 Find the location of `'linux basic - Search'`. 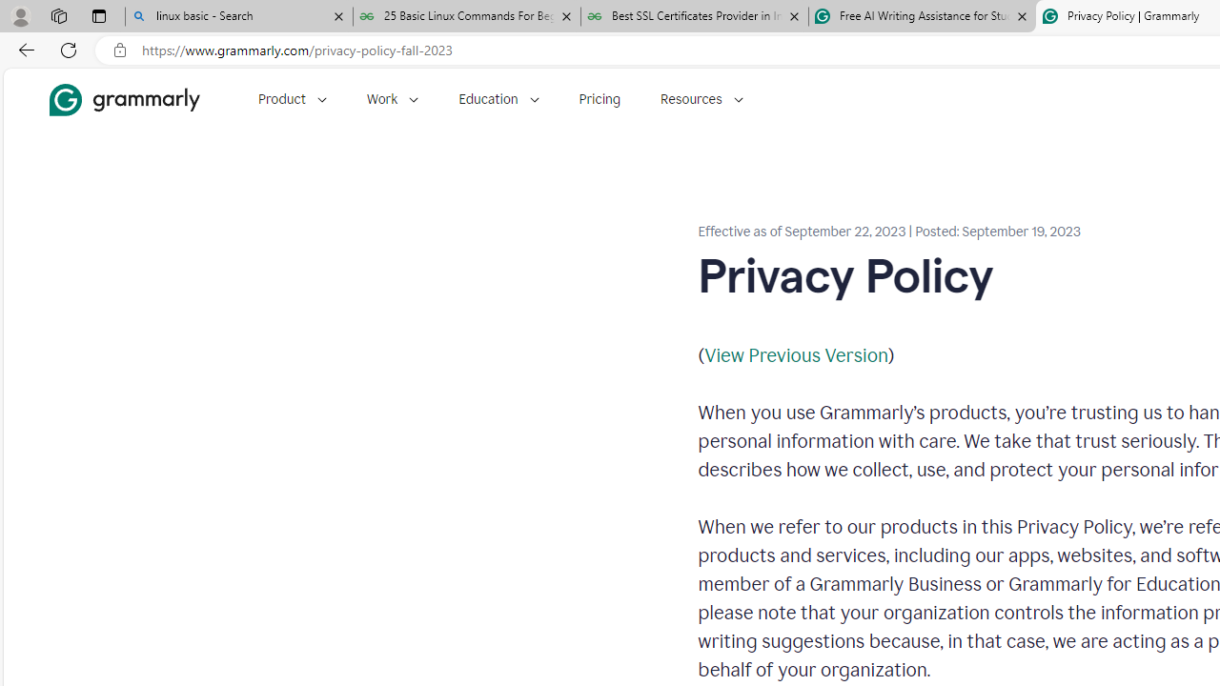

'linux basic - Search' is located at coordinates (237, 16).